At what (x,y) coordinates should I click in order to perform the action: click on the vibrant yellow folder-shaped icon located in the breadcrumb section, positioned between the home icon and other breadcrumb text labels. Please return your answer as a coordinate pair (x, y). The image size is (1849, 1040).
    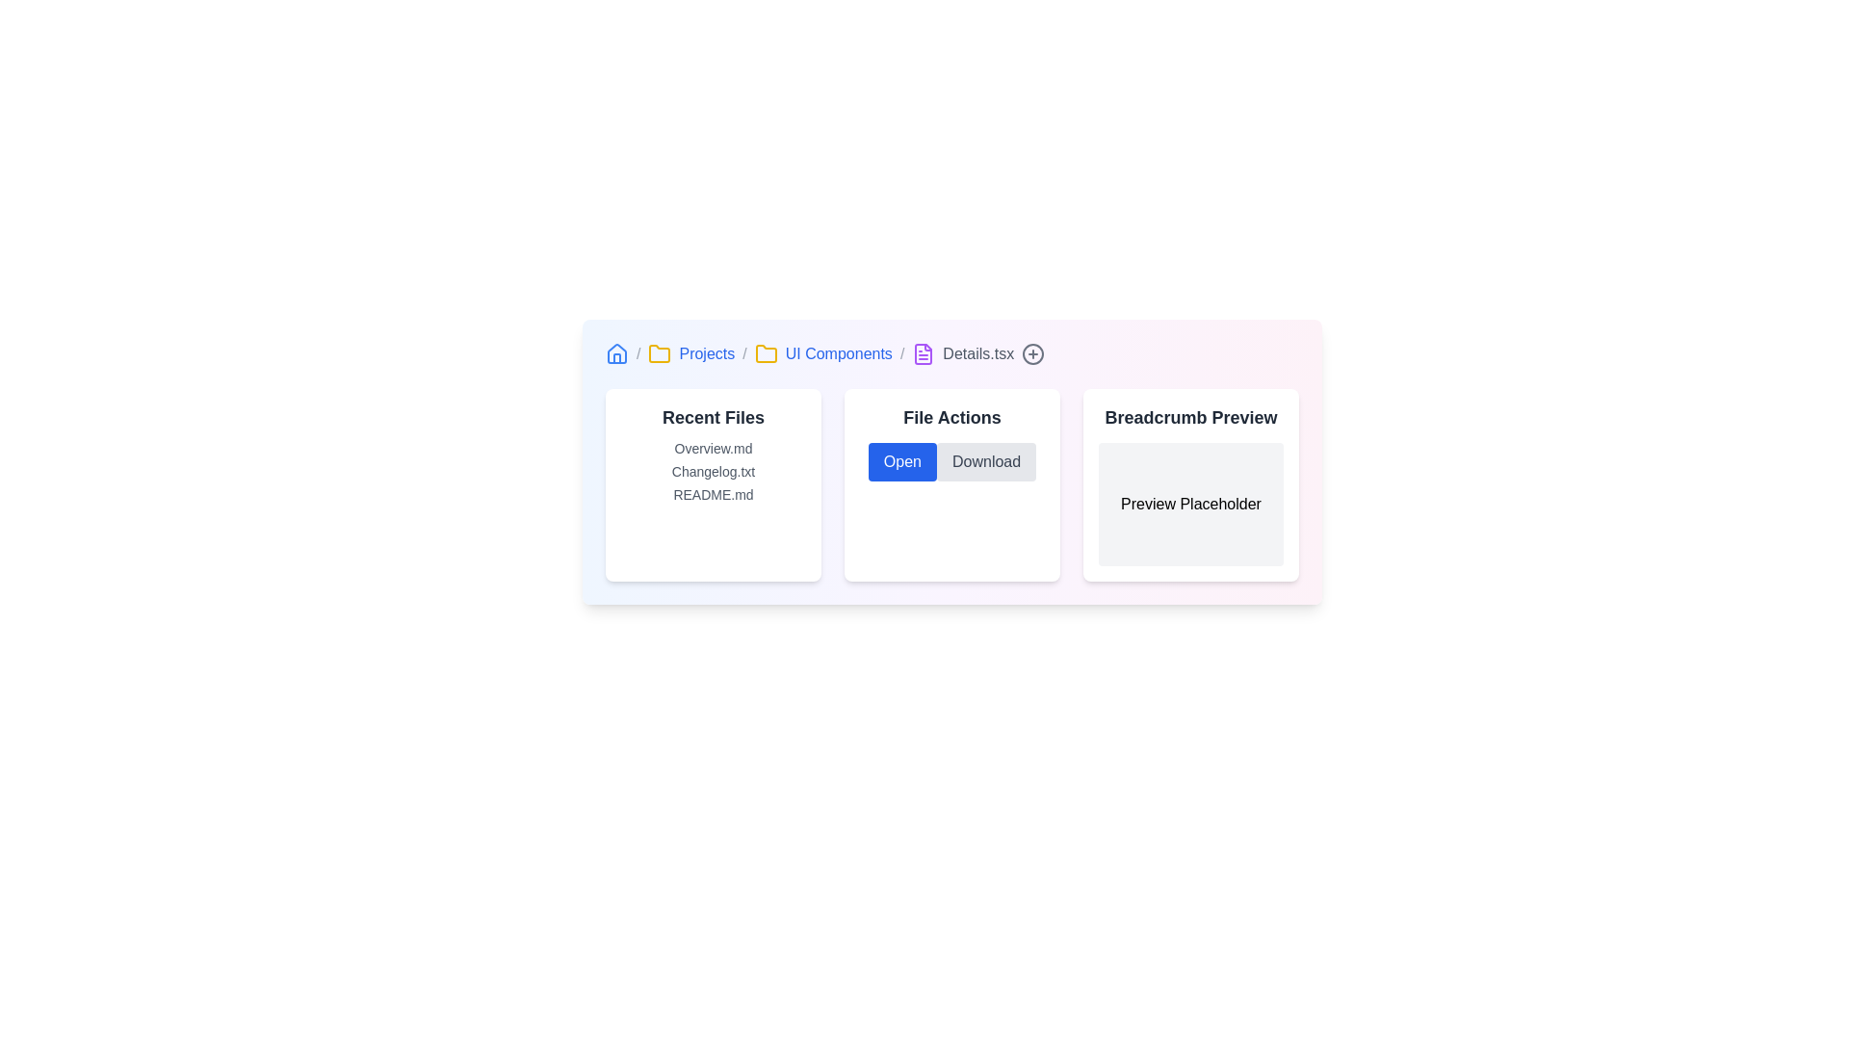
    Looking at the image, I should click on (765, 353).